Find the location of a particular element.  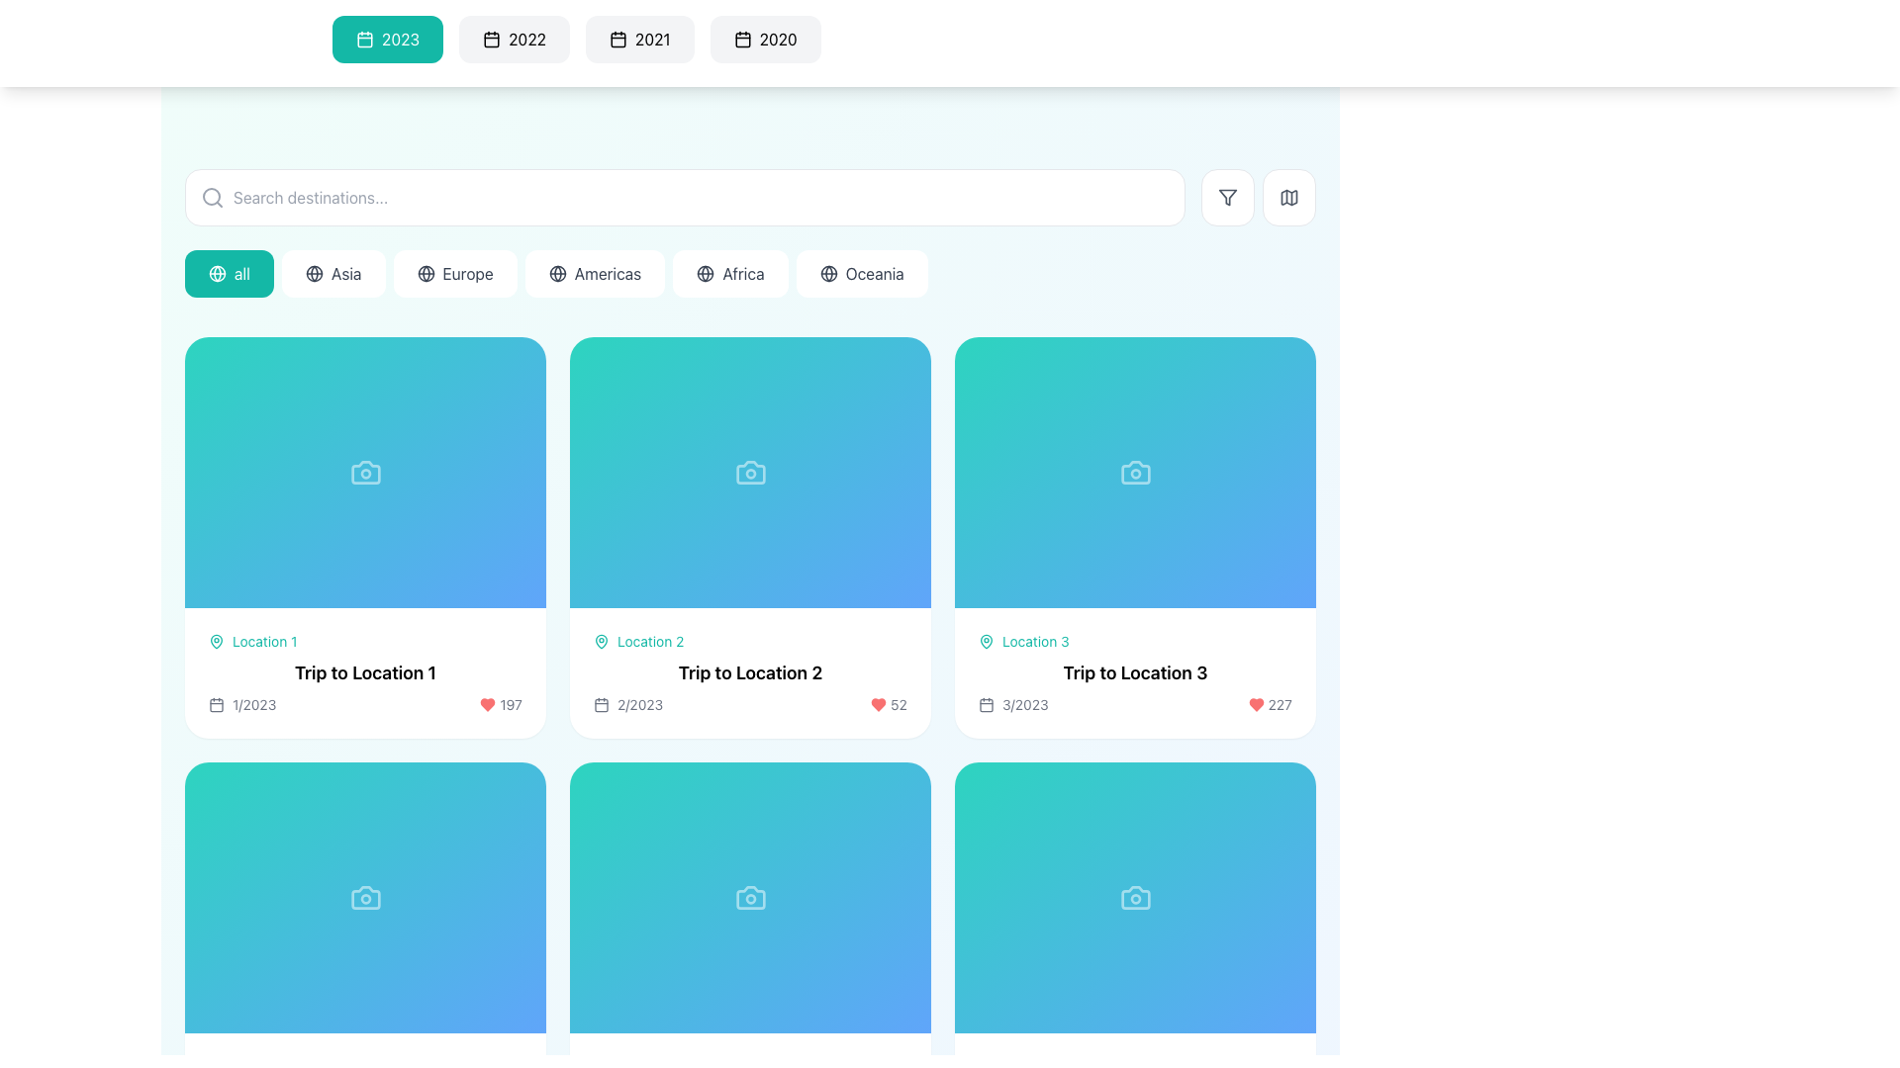

the static text label displaying the count associated with the adjacent red heart icon, located in the bottom section of the first card in a grid layout is located at coordinates (501, 703).